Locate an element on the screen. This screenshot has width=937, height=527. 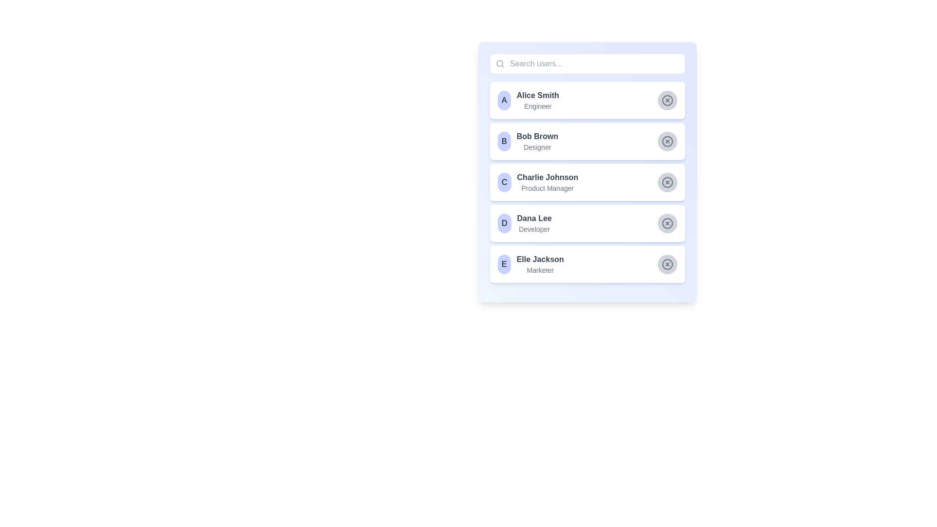
text label indicating the role 'Developer' of the user 'Dana Lee', located beneath the name within the fourth list item of the user list interface is located at coordinates (534, 229).